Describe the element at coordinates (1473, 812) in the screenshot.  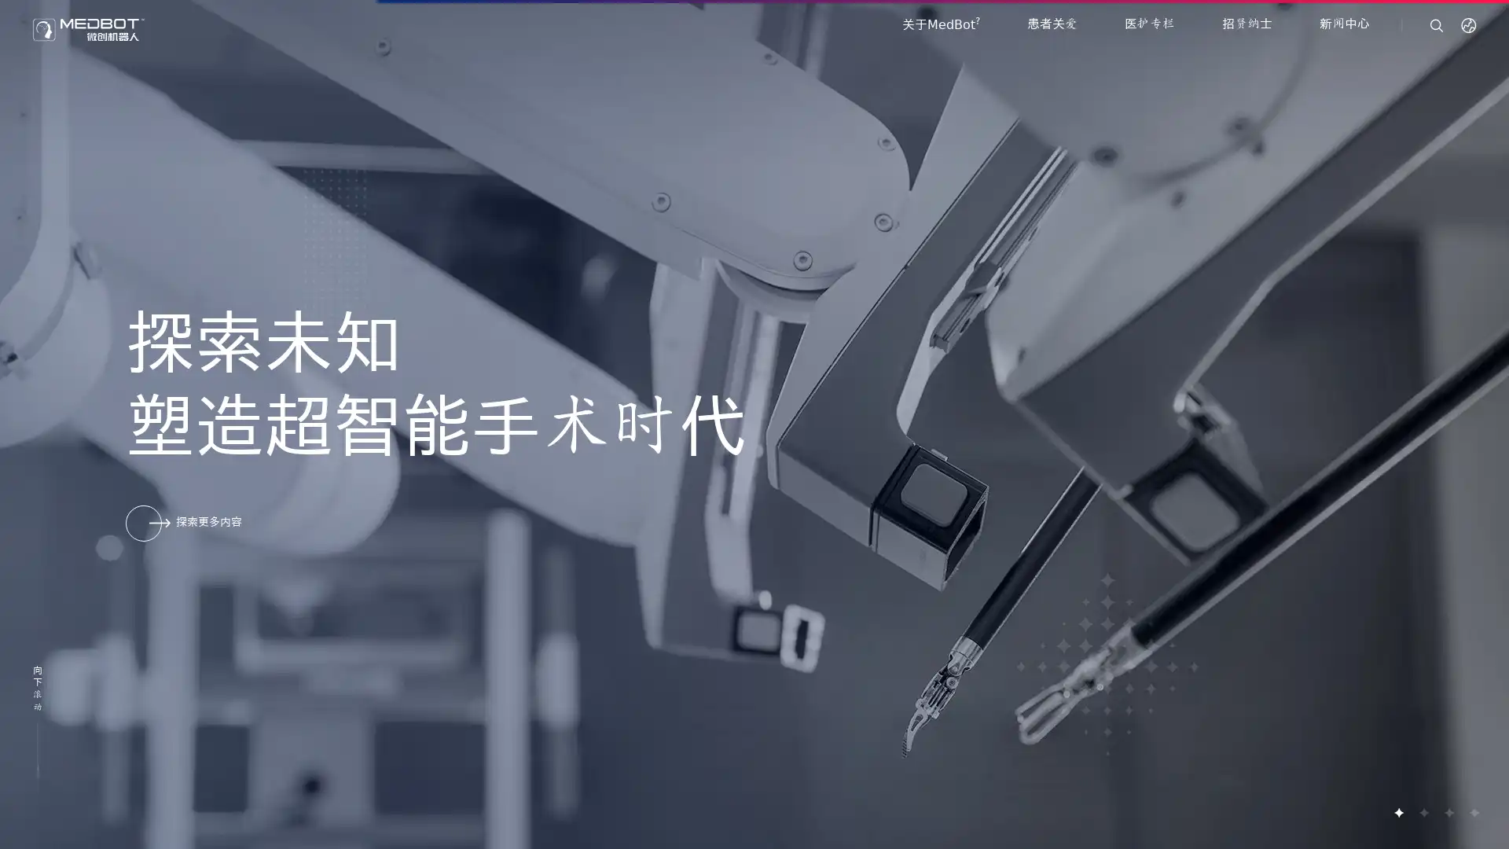
I see `Go to slide 4` at that location.